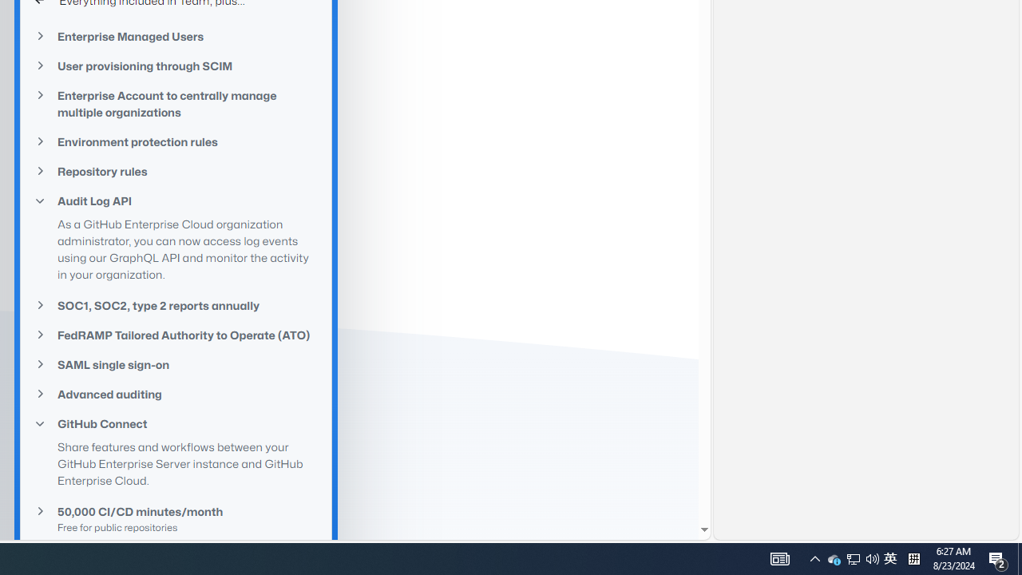 Image resolution: width=1022 pixels, height=575 pixels. What do you see at coordinates (176, 364) in the screenshot?
I see `'SAML single sign-on'` at bounding box center [176, 364].